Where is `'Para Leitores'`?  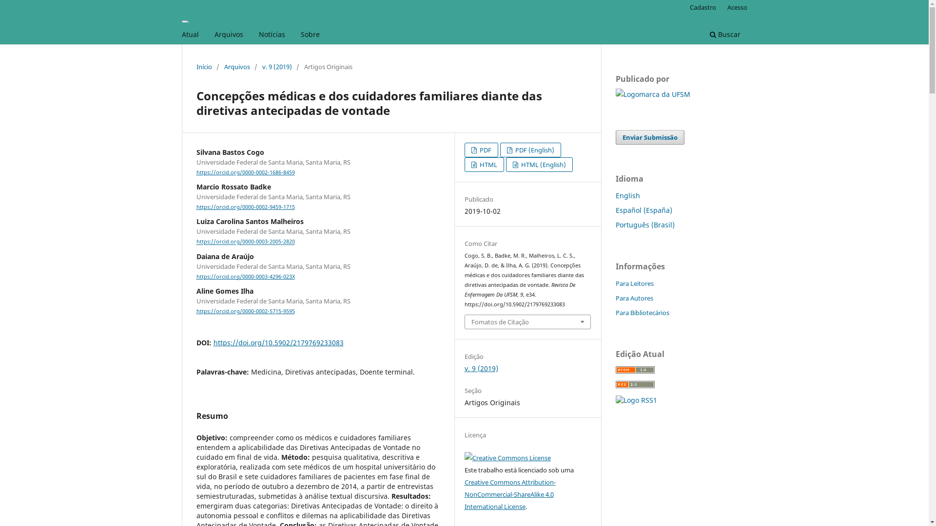
'Para Leitores' is located at coordinates (634, 283).